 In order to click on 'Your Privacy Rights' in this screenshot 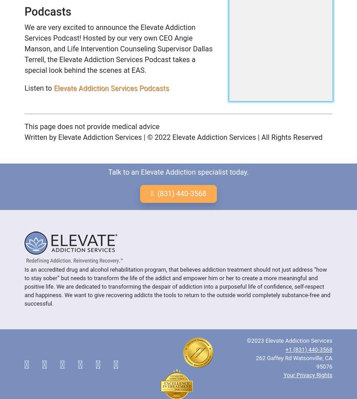, I will do `click(307, 374)`.